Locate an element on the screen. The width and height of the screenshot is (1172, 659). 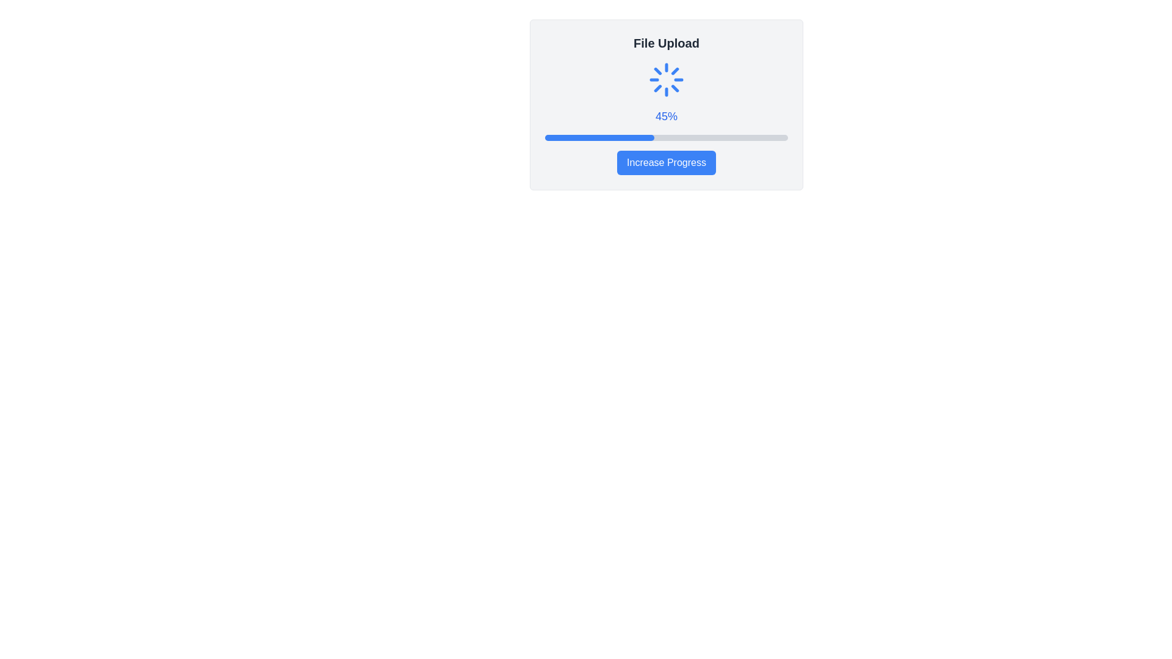
the bold blue text displaying '45%' which is positioned below a rotating icon and above a progress bar within a centered card interface is located at coordinates (665, 117).